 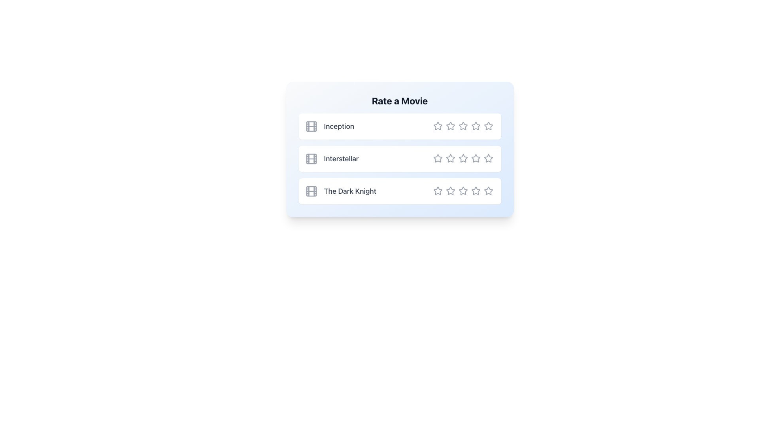 I want to click on the third star in the third row of the rating component to rate the movie 'The Dark Knight', so click(x=463, y=191).